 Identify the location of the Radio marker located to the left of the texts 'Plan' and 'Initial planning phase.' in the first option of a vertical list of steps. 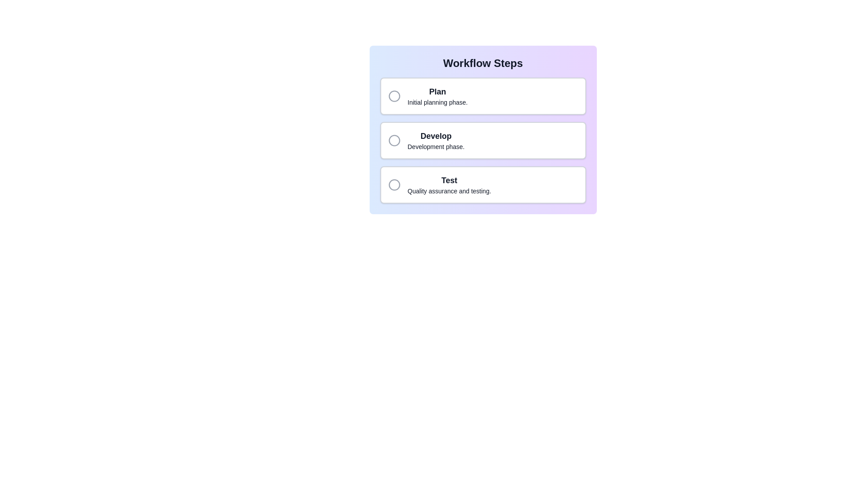
(394, 96).